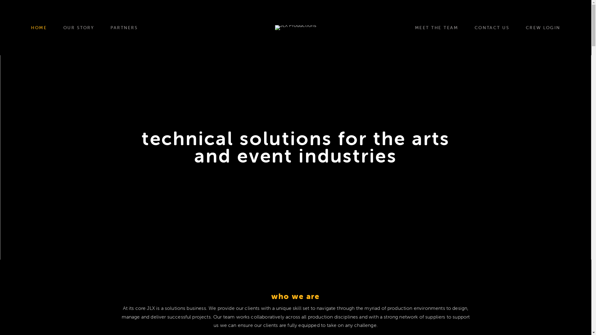 The height and width of the screenshot is (335, 596). Describe the element at coordinates (526, 27) in the screenshot. I see `'CREW LOGIN'` at that location.